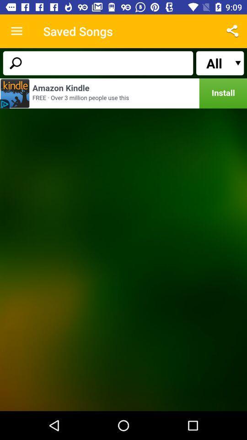 The width and height of the screenshot is (247, 440). What do you see at coordinates (97, 62) in the screenshot?
I see `search` at bounding box center [97, 62].